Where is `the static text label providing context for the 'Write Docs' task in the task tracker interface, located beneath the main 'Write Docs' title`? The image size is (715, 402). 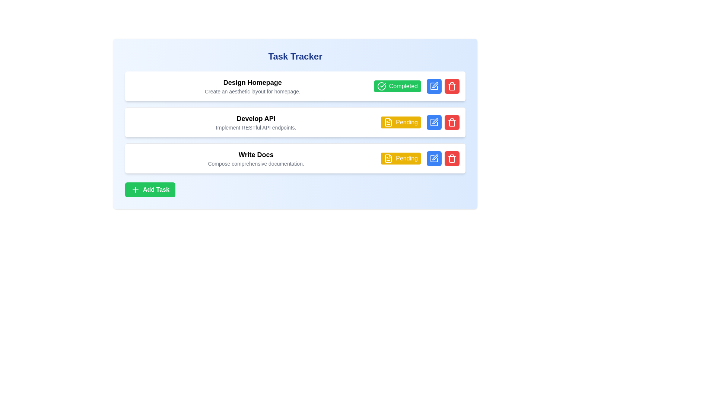
the static text label providing context for the 'Write Docs' task in the task tracker interface, located beneath the main 'Write Docs' title is located at coordinates (256, 163).